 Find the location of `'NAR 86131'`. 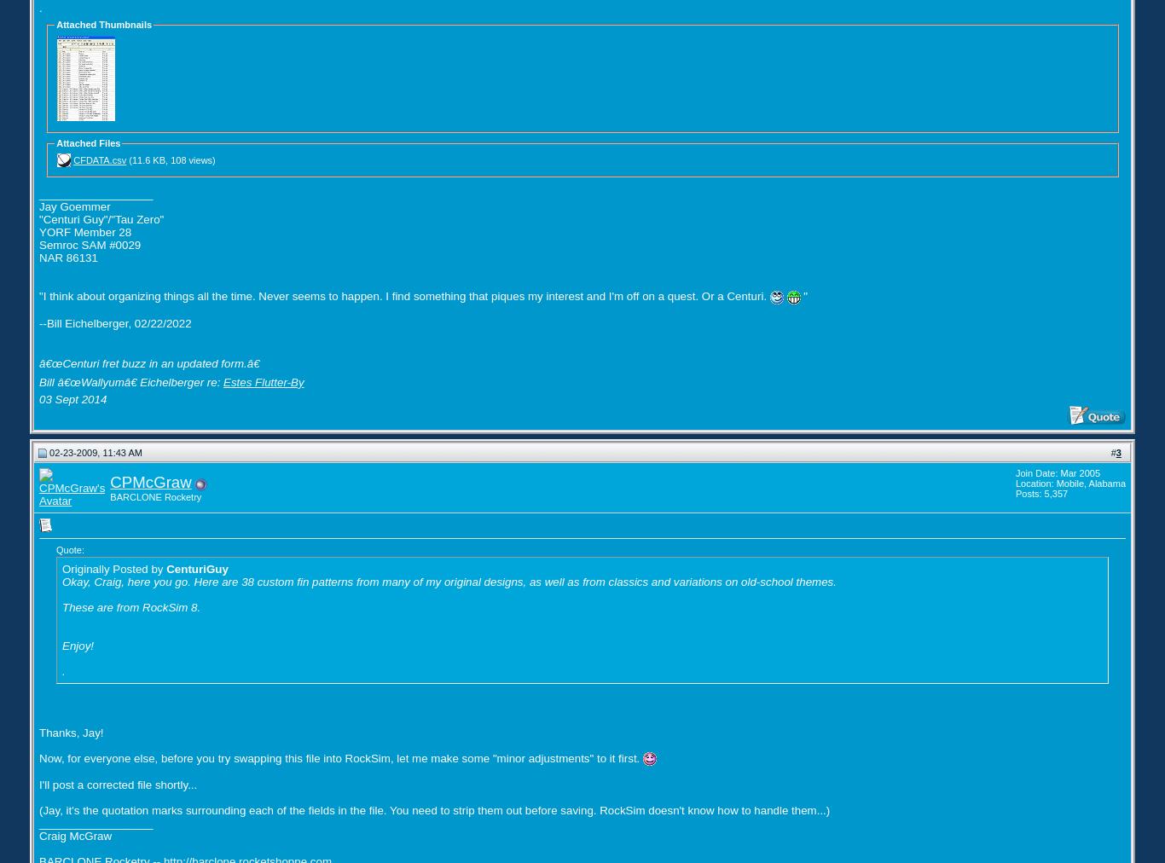

'NAR 86131' is located at coordinates (39, 257).